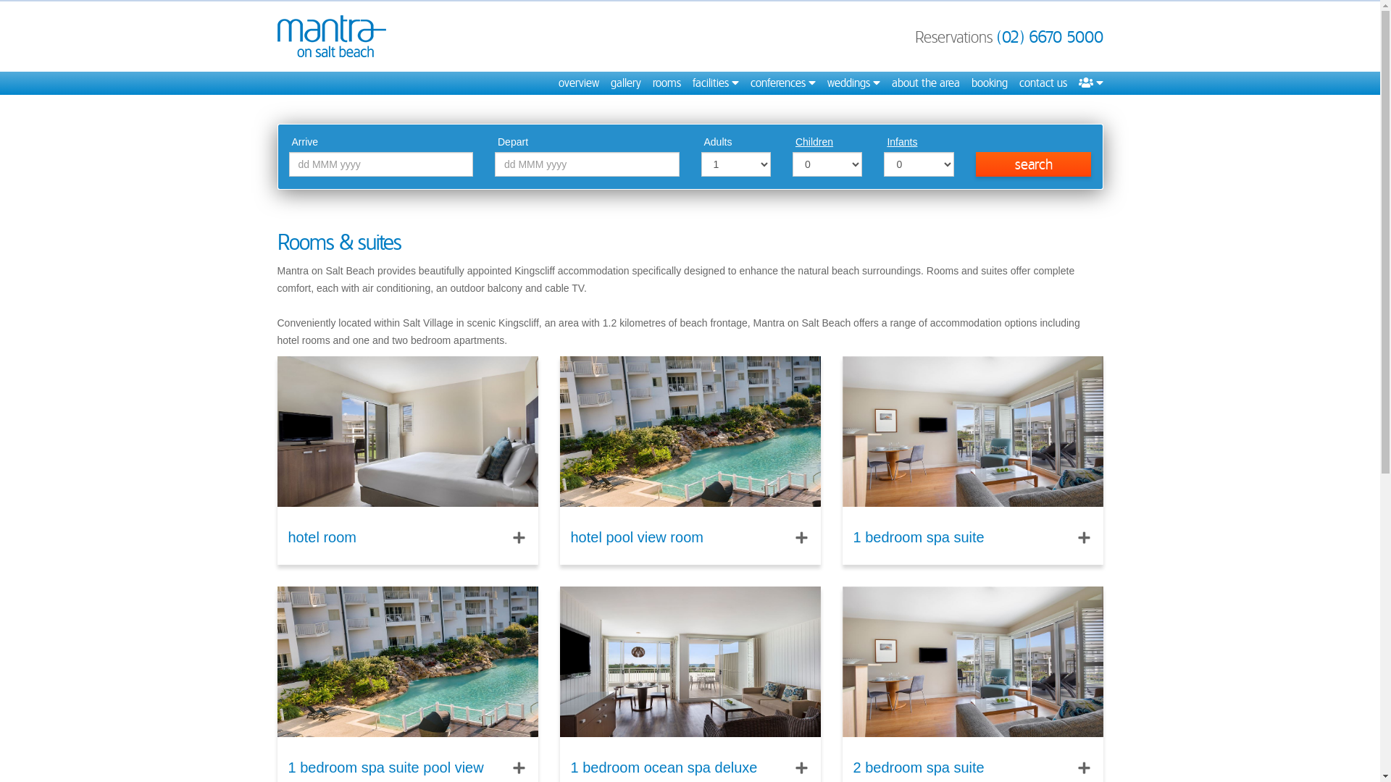 This screenshot has height=782, width=1391. I want to click on '(02) 6670 5000', so click(996, 35).